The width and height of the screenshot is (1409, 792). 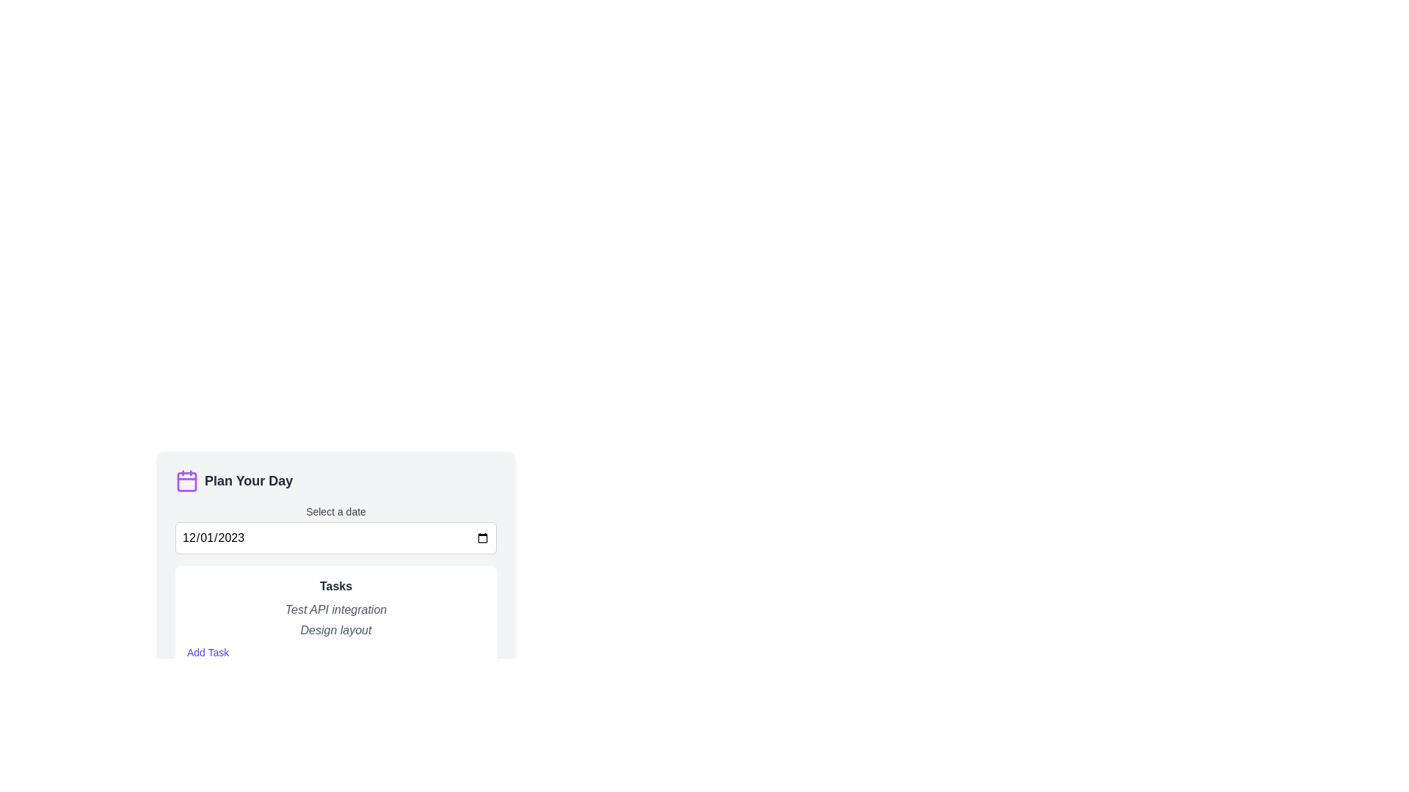 I want to click on text from the header or title of the task list located inside the white background card, positioned at the top, below the date selection field, so click(x=335, y=585).